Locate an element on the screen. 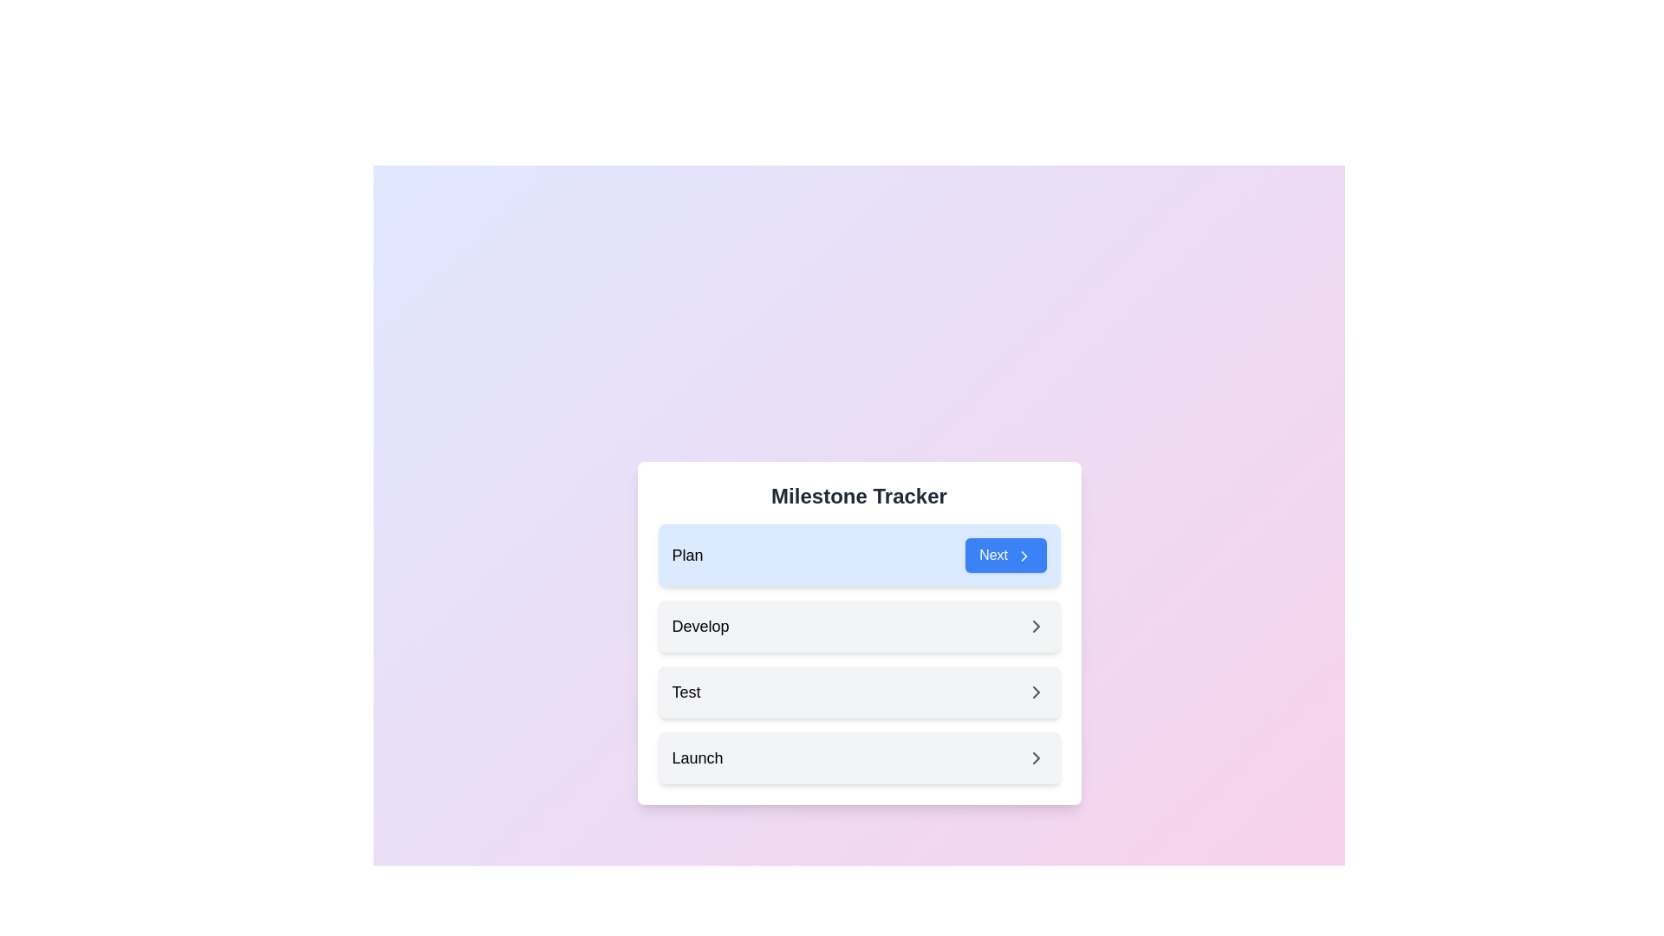 Image resolution: width=1664 pixels, height=936 pixels. the rightward-pointing chevron icon with a gray stroke located in the third row labeled 'Test' is located at coordinates (1036, 691).